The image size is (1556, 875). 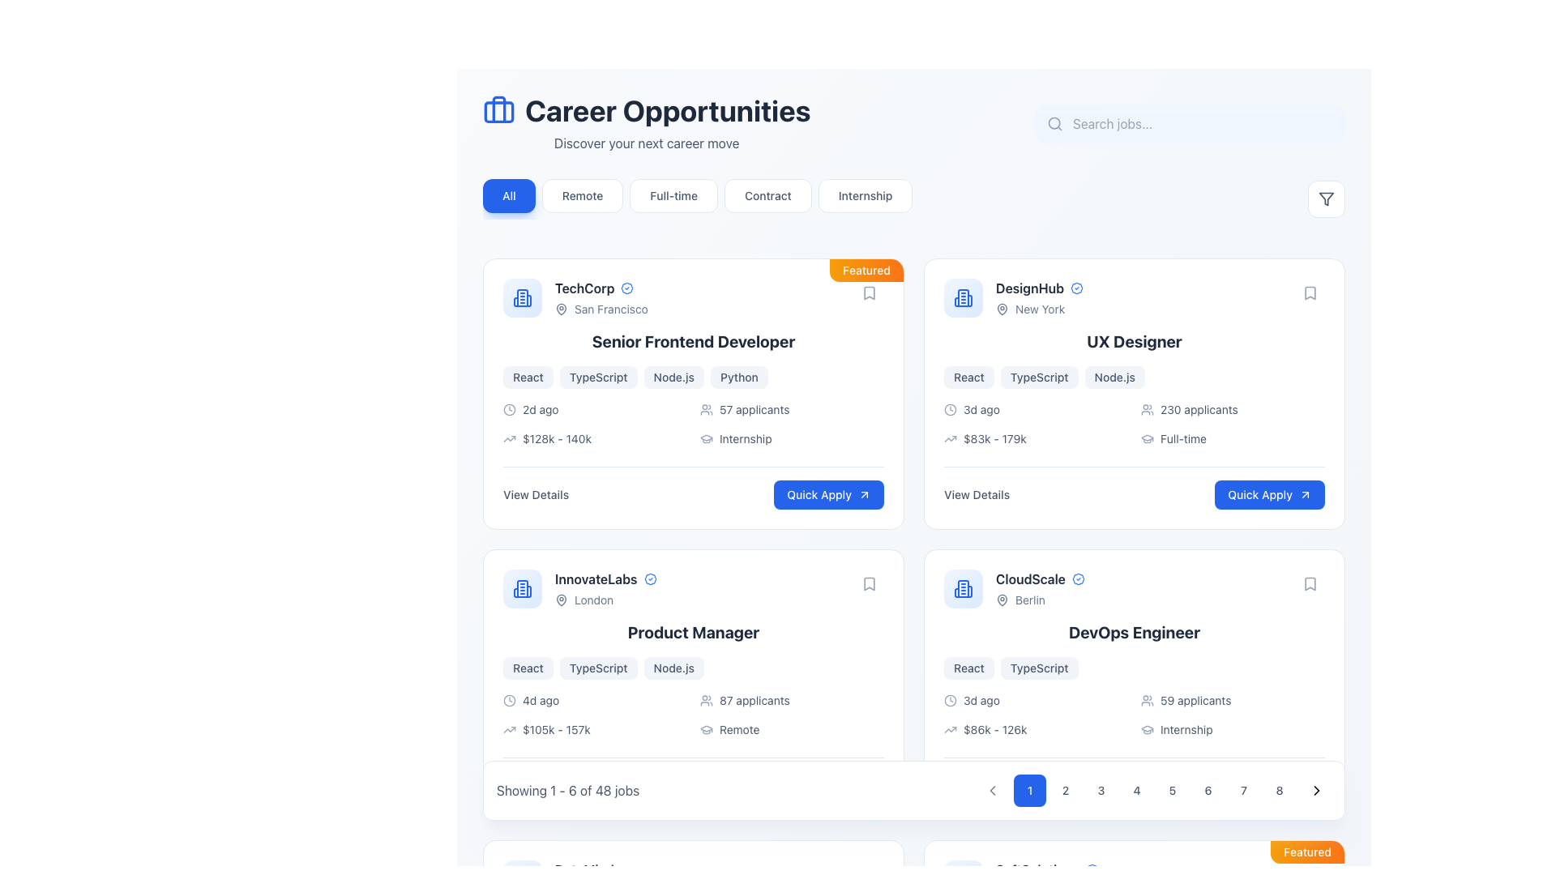 What do you see at coordinates (1307, 852) in the screenshot?
I see `the 'Featured' badge positioned at the top-right corner of the job listing card to draw attention to its premium status` at bounding box center [1307, 852].